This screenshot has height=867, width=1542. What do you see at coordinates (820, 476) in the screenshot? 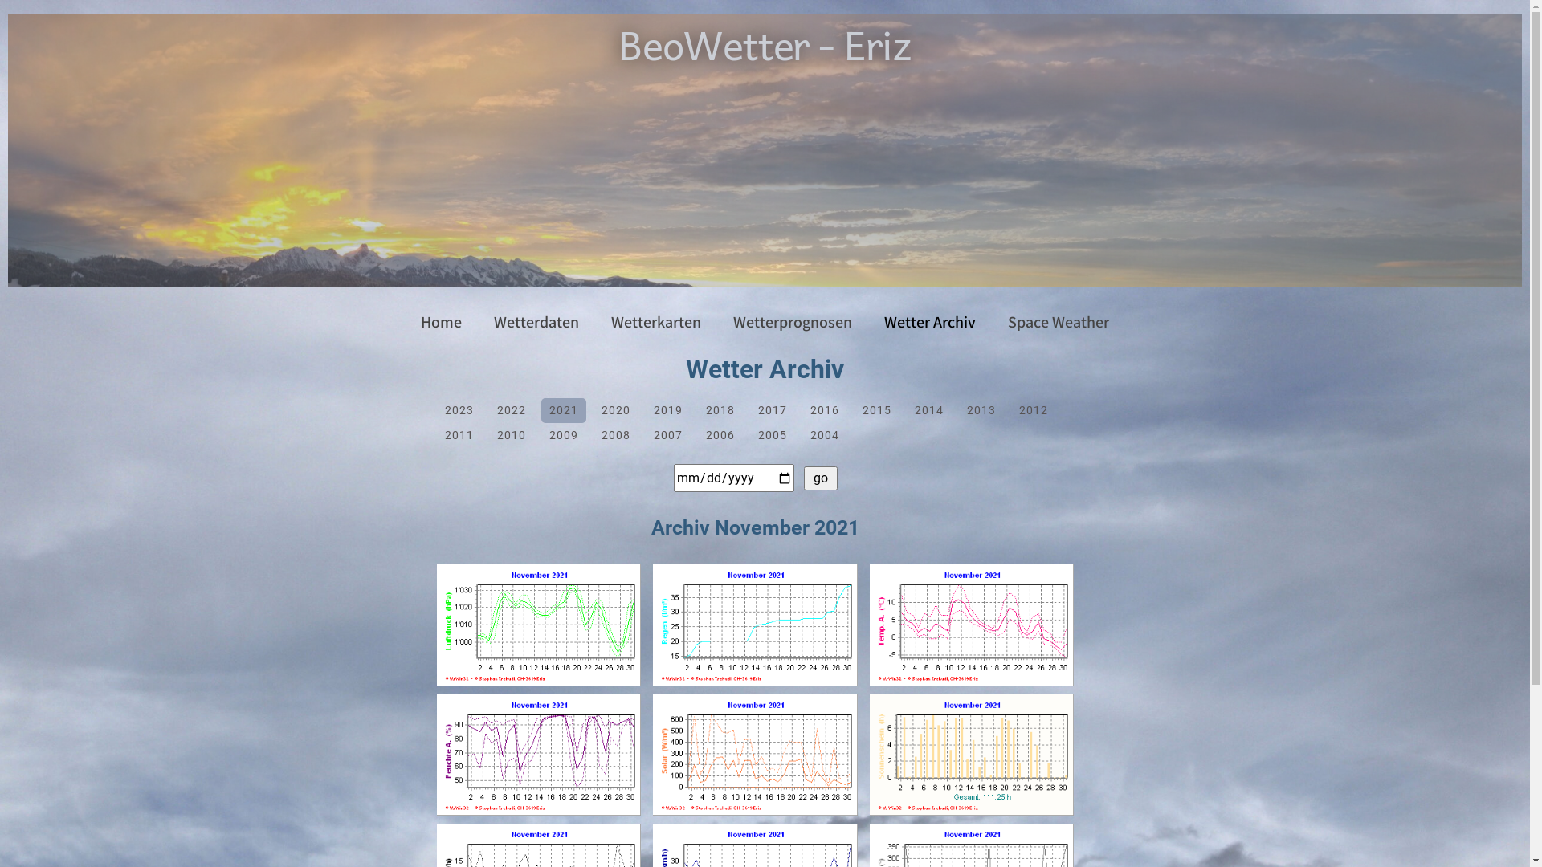
I see `' go '` at bounding box center [820, 476].